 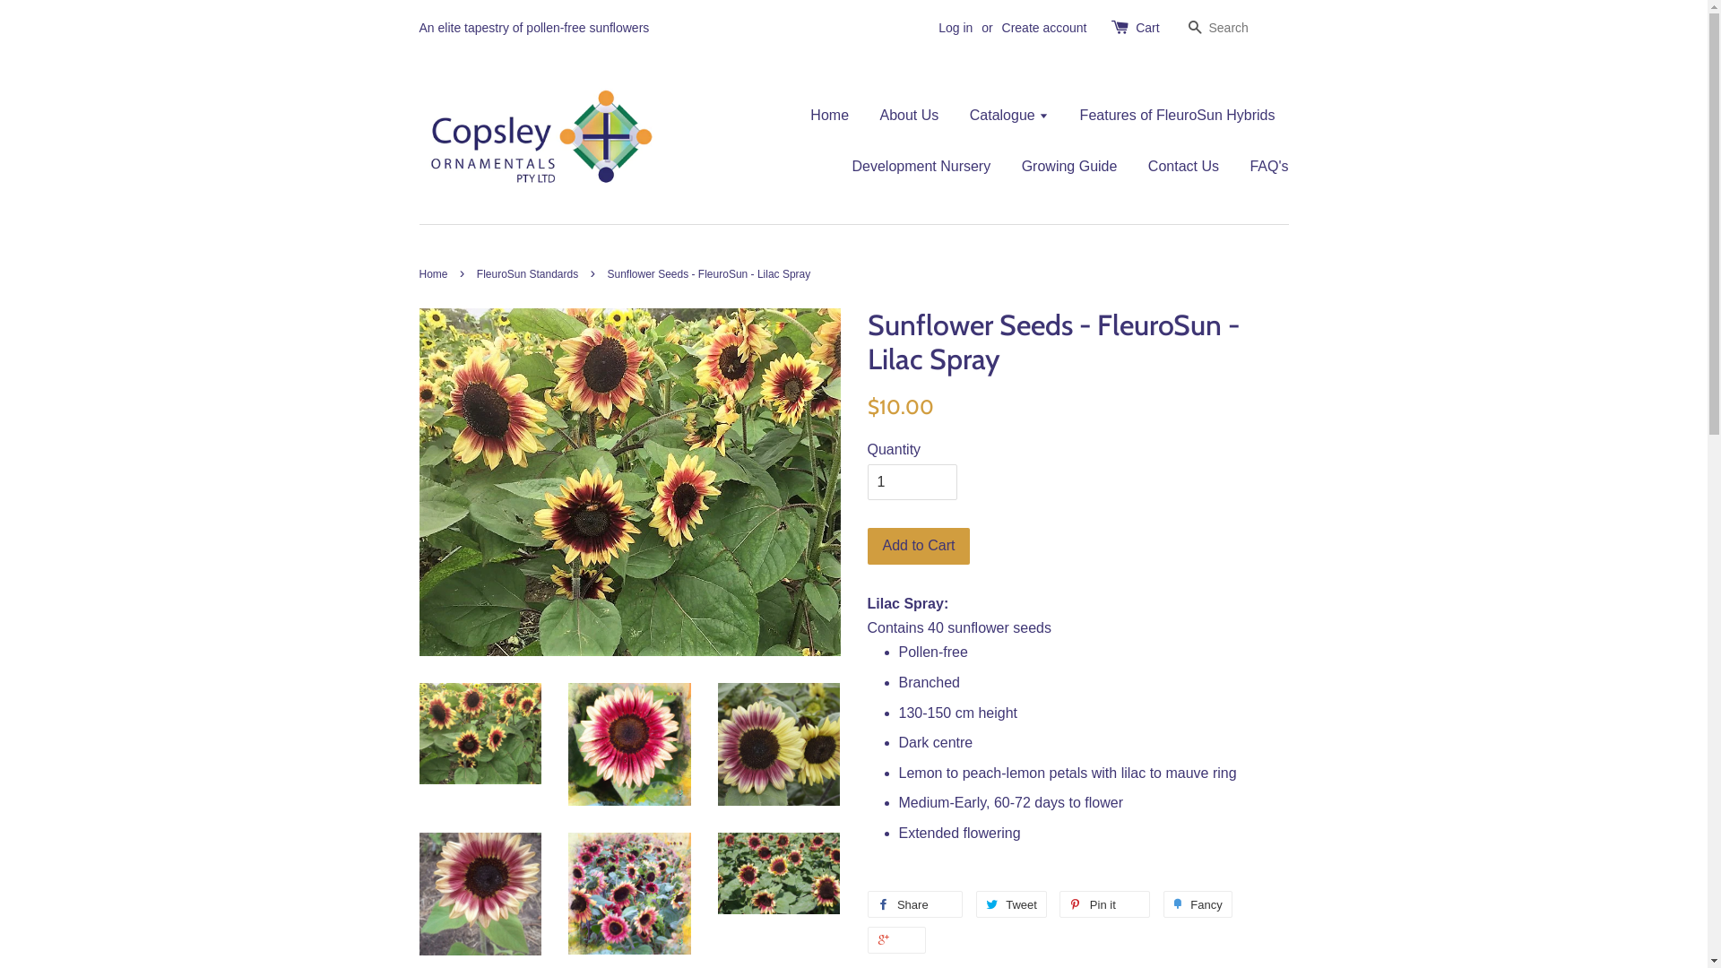 What do you see at coordinates (954, 27) in the screenshot?
I see `'Log in'` at bounding box center [954, 27].